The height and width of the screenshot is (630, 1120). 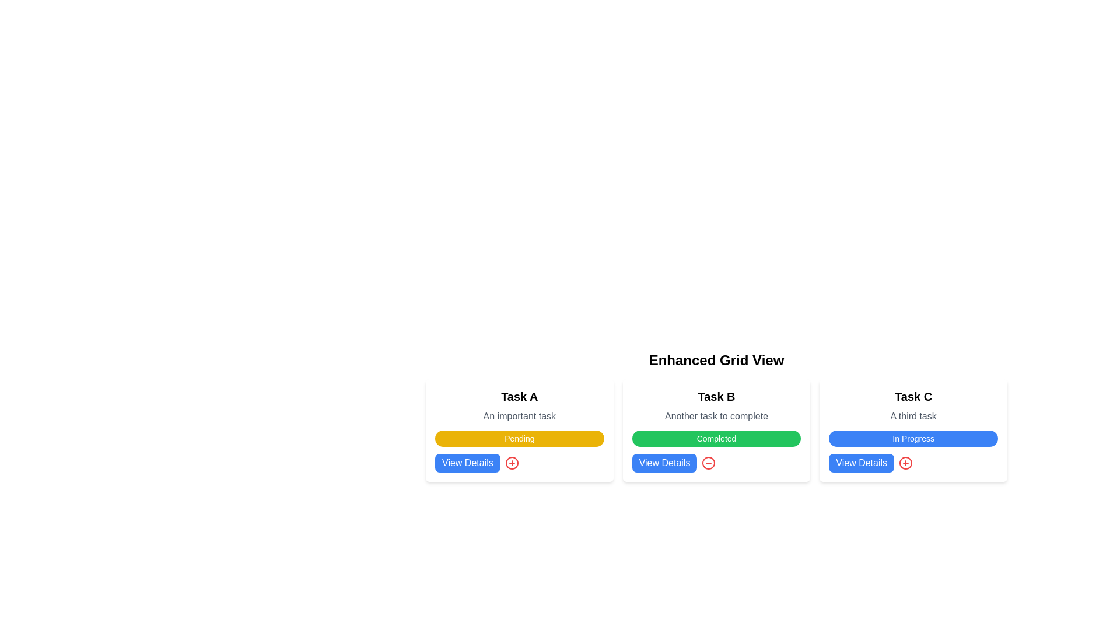 I want to click on the Status Badge indicating 'Pending' for Task A, located within the first card of the grid, positioned below the task description and above the 'View Details' button, so click(x=519, y=430).